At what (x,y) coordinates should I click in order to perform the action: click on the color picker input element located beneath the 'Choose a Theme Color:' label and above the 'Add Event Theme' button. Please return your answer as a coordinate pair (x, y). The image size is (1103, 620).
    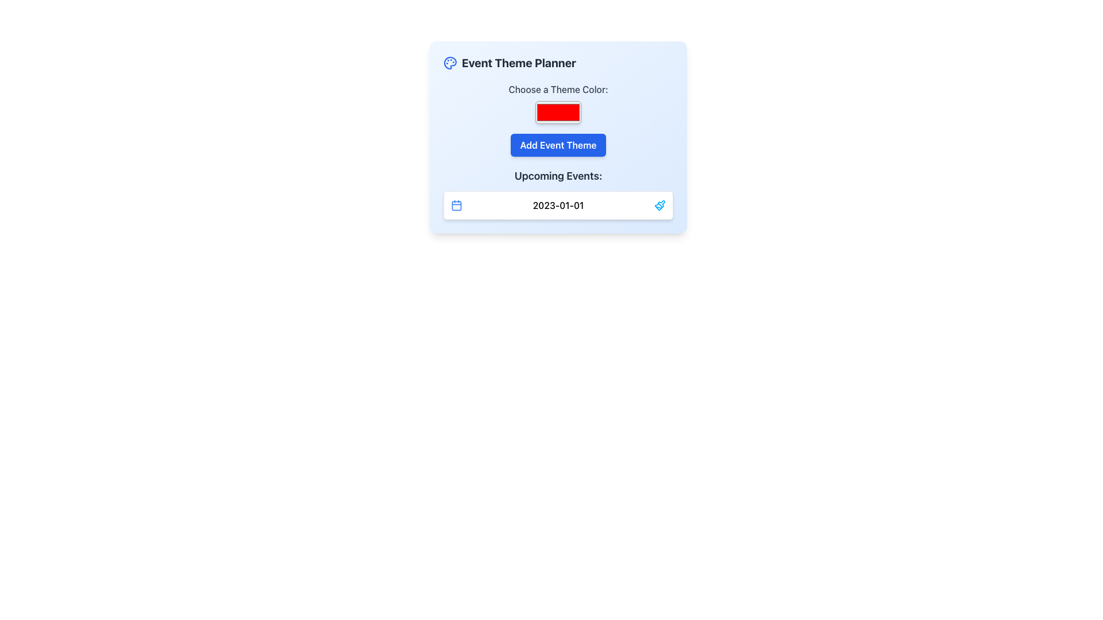
    Looking at the image, I should click on (558, 137).